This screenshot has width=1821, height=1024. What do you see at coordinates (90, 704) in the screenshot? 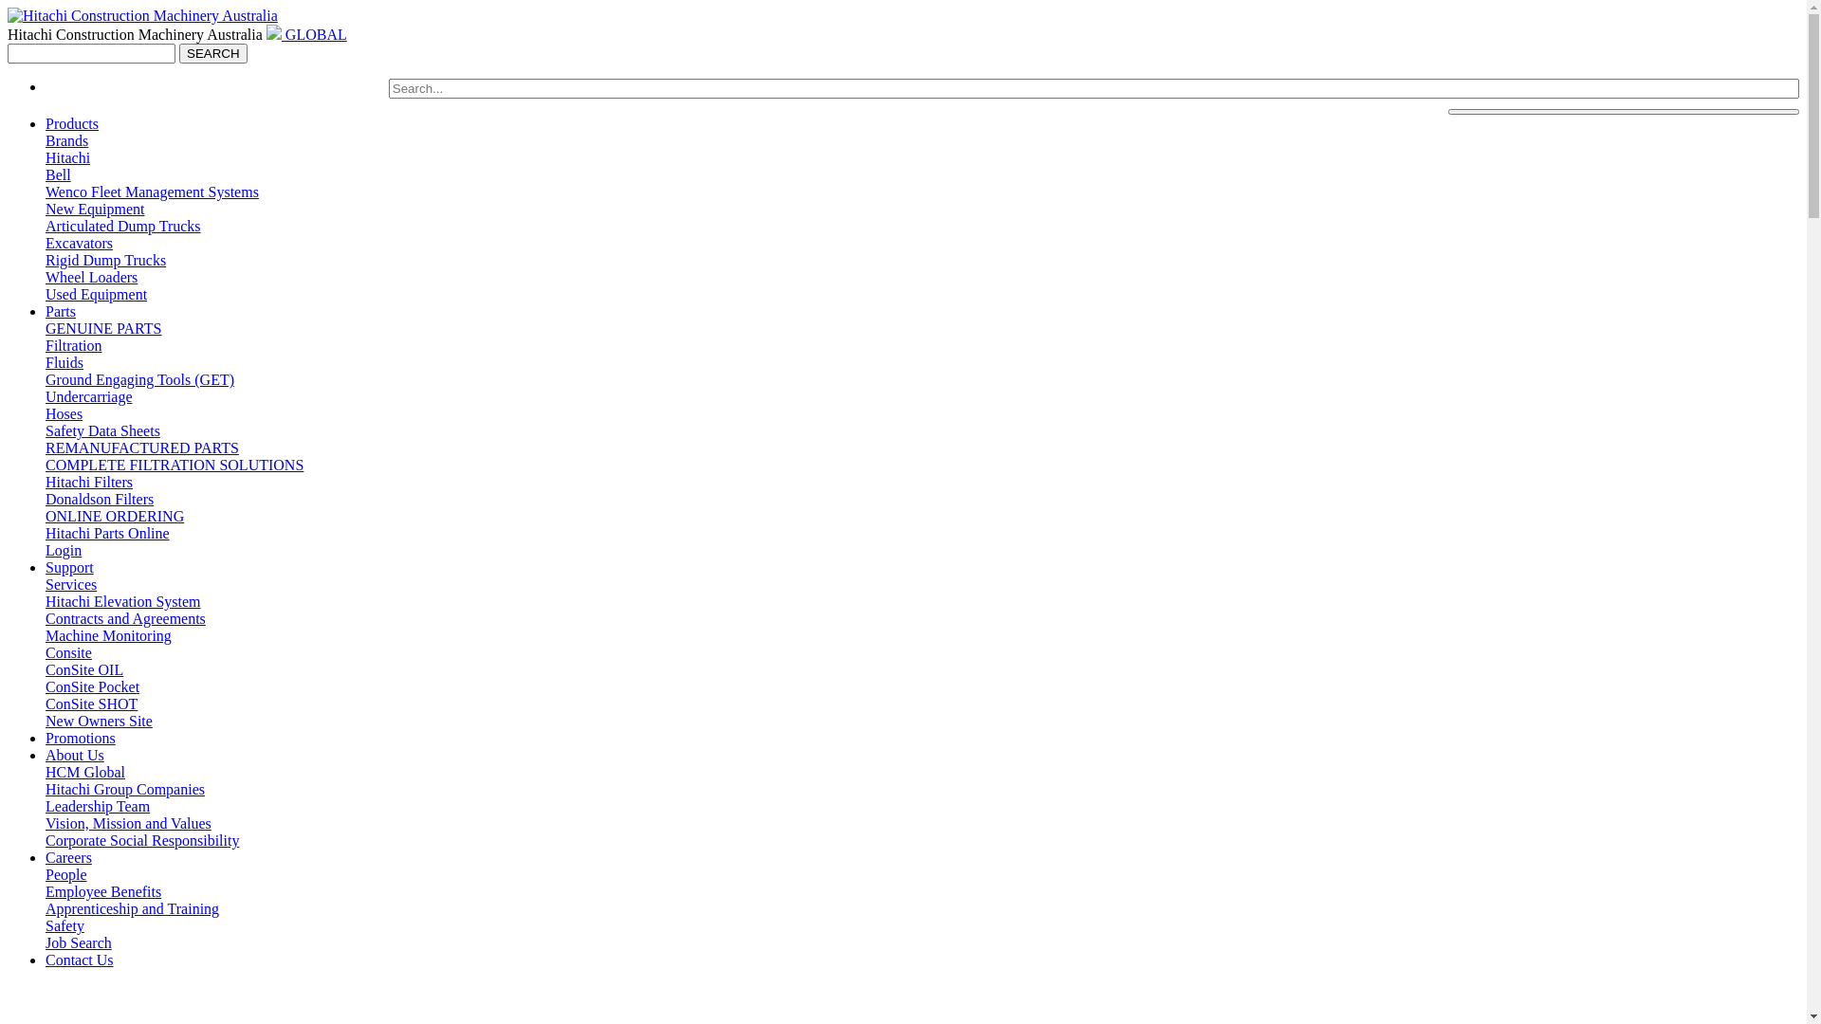
I see `'ConSite SHOT'` at bounding box center [90, 704].